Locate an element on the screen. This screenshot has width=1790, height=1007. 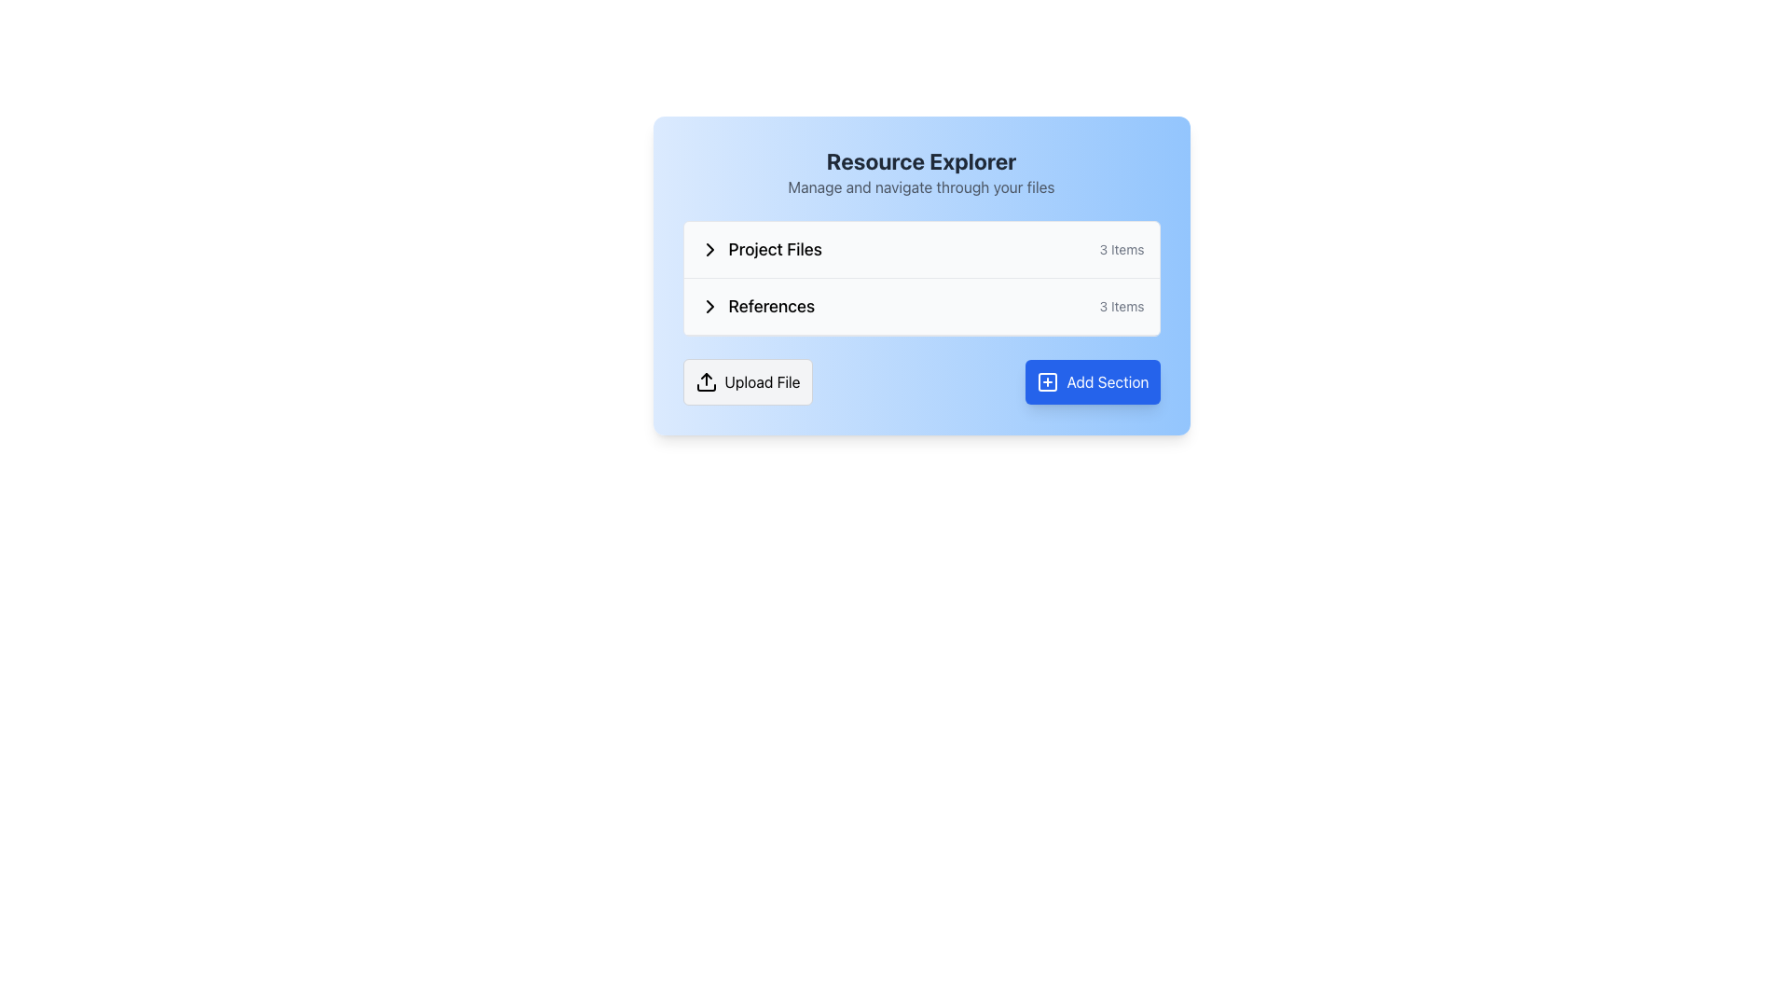
the bottom part of the upload icon located inside the blue card at the bottom left of the layout, near the 'Upload File' label is located at coordinates (705, 387).